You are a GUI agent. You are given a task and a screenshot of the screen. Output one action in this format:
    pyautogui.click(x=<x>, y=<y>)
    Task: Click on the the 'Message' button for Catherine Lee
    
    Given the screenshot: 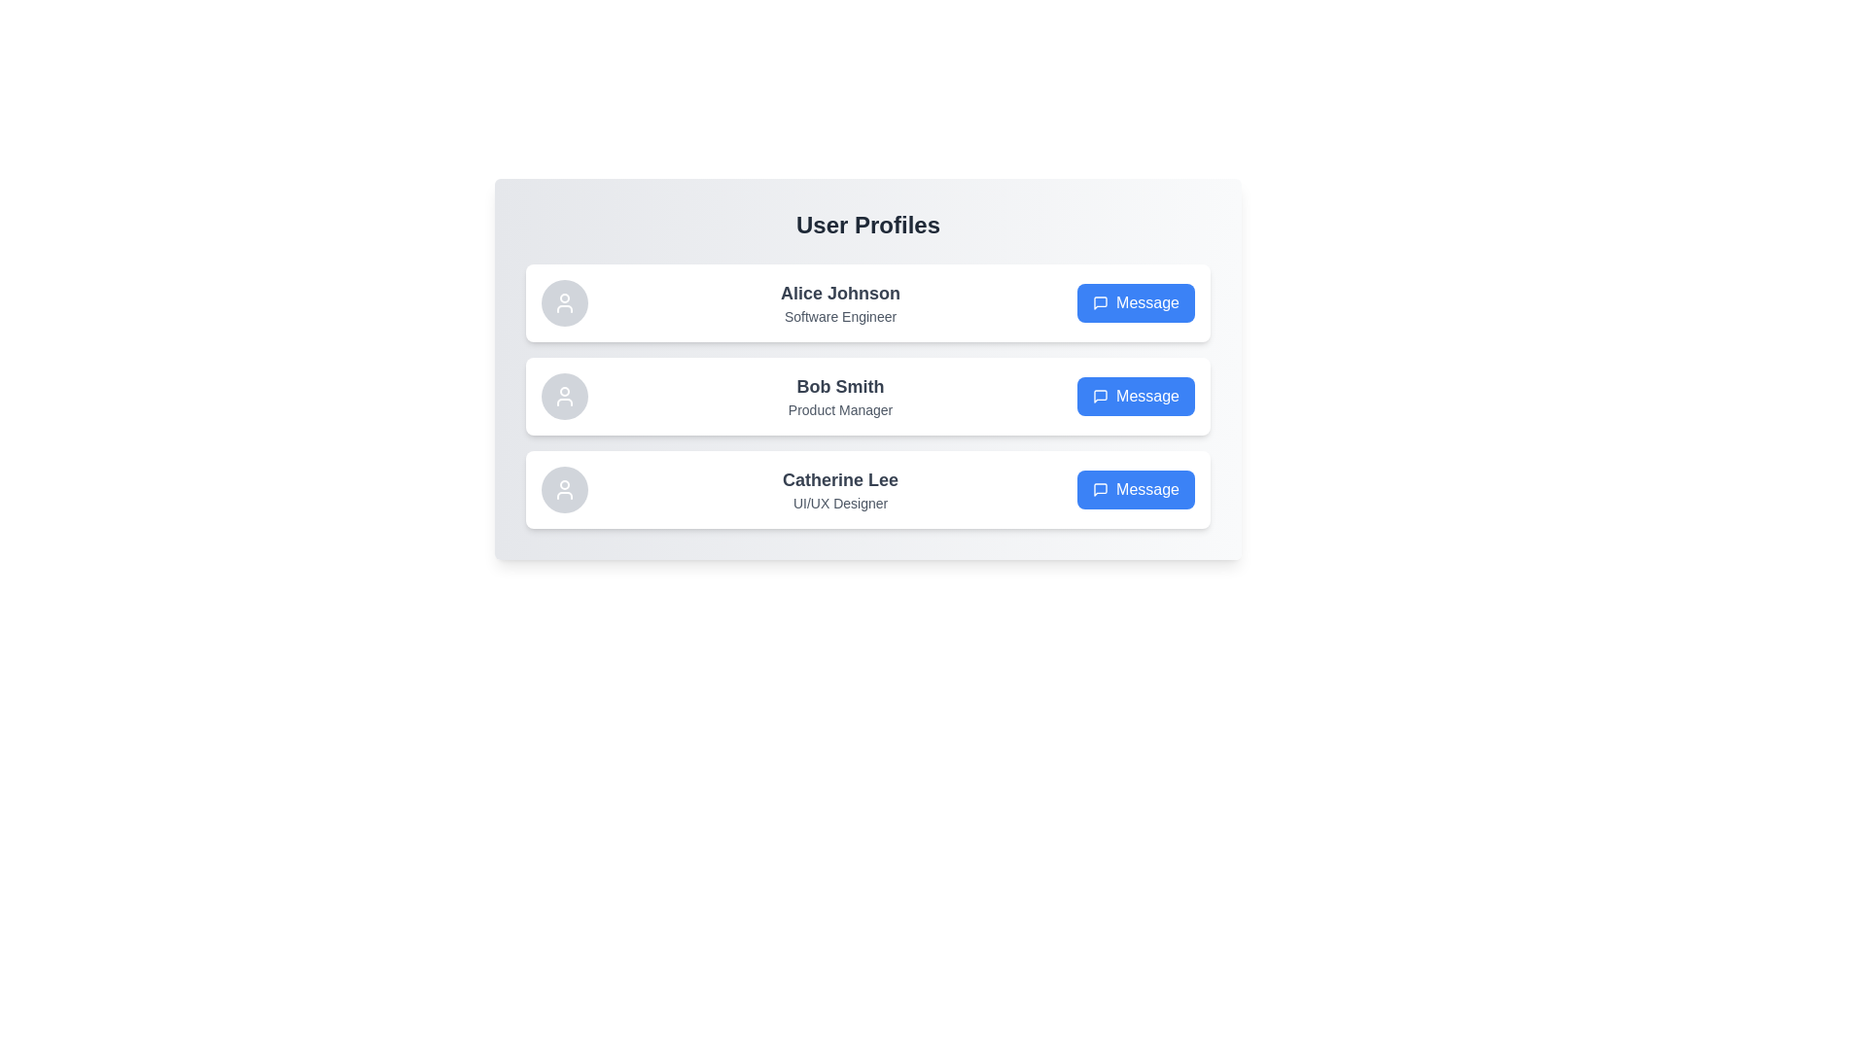 What is the action you would take?
    pyautogui.click(x=1136, y=489)
    